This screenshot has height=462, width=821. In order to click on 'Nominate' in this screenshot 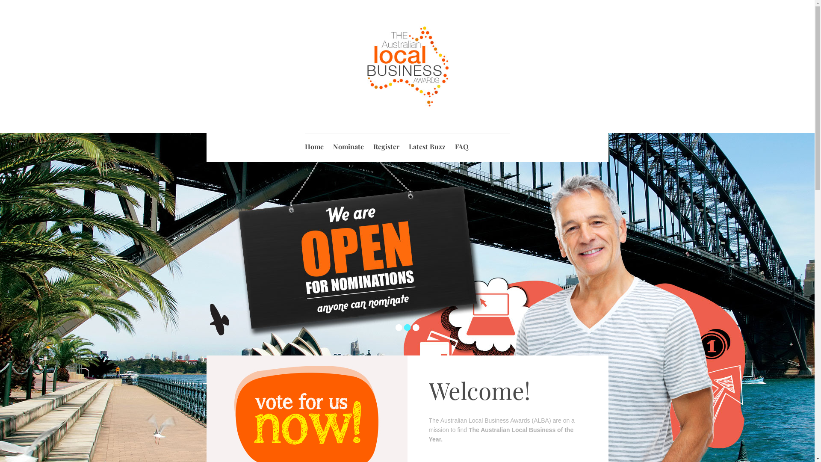, I will do `click(348, 143)`.